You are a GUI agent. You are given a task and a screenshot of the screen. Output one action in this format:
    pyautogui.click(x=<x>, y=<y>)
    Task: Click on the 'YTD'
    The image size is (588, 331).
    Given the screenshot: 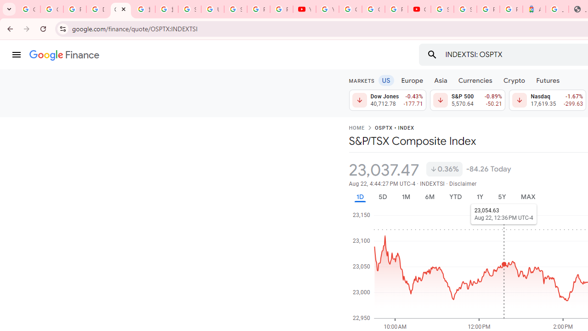 What is the action you would take?
    pyautogui.click(x=455, y=196)
    